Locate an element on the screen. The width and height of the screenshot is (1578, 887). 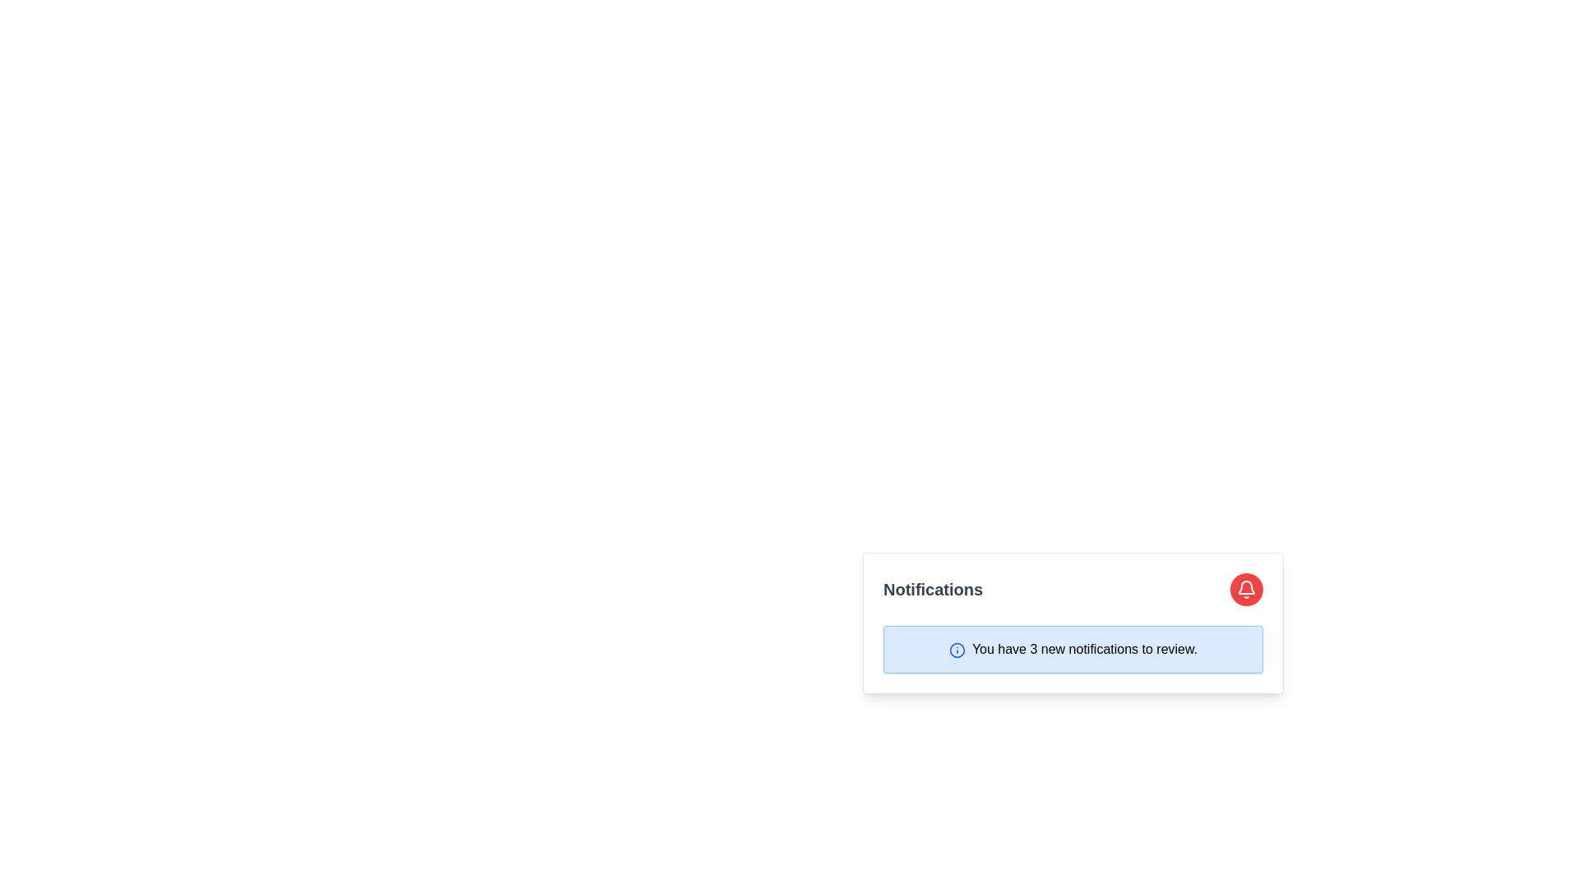
the icon located in the notification area that indicates 'You have 3 new notifications to review.' is located at coordinates (957, 649).